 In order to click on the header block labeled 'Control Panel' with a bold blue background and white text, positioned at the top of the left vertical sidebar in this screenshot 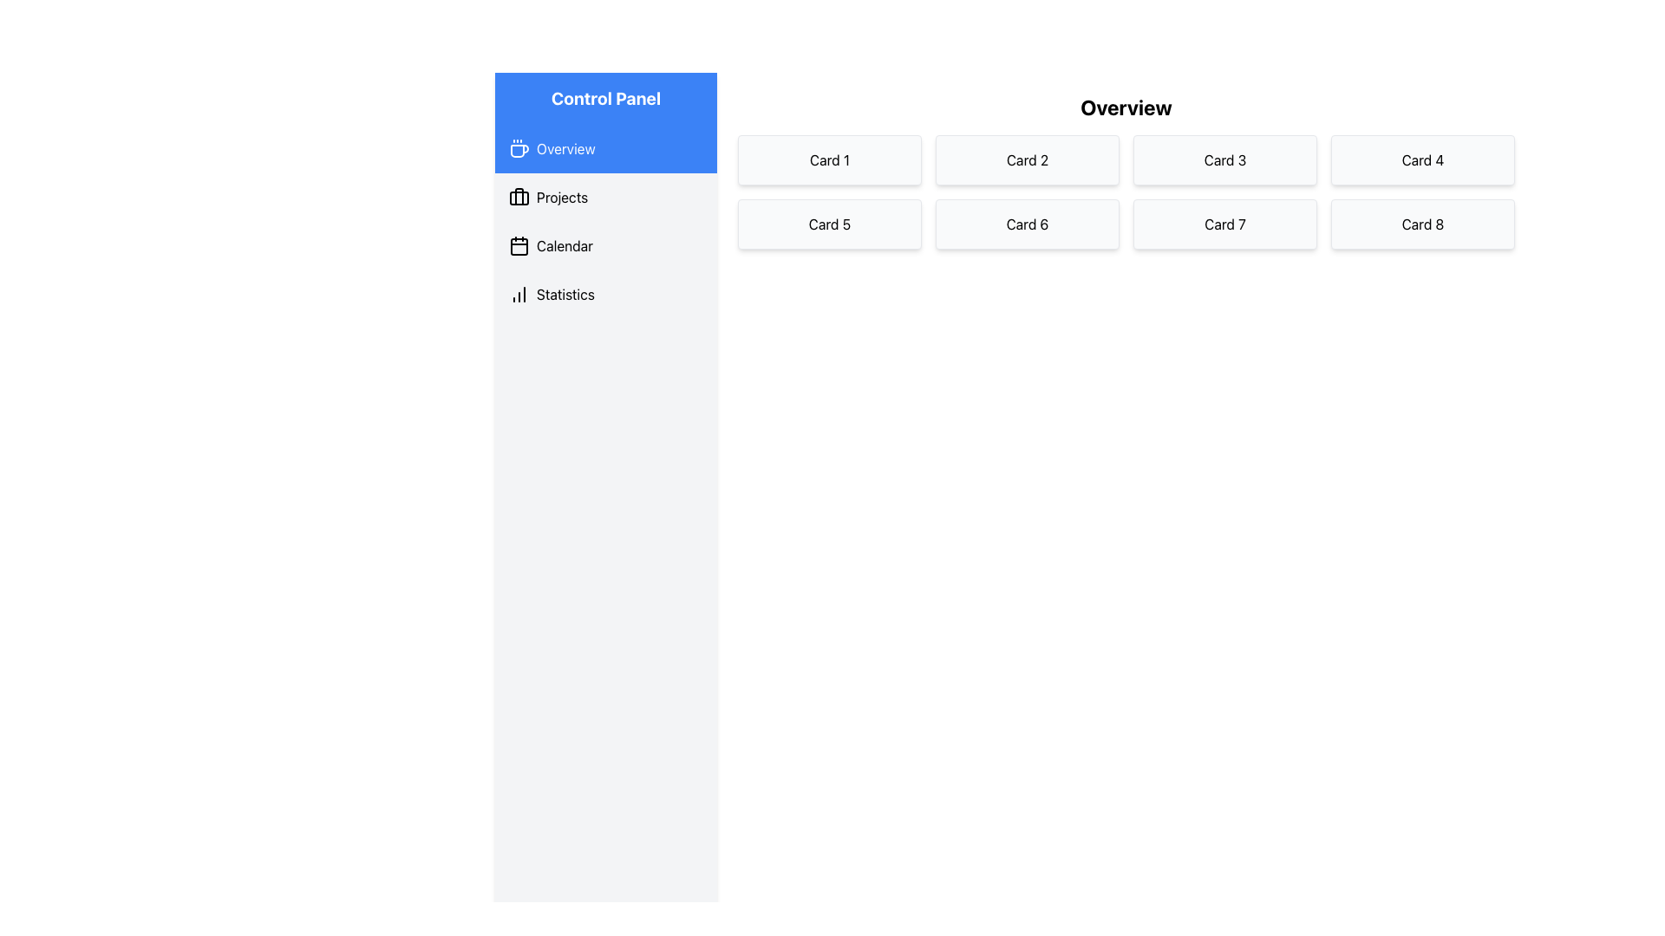, I will do `click(606, 99)`.